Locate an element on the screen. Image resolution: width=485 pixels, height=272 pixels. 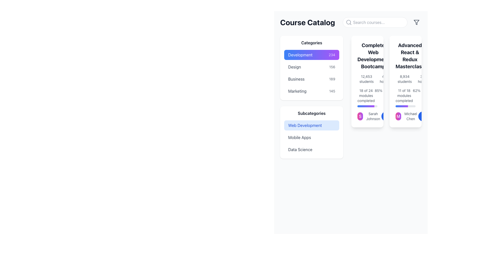
the progress bar indicating completion status for the 'Complete Web Development Bootcamp' course, located under the 'Course Catalog' section, below the text '18 of 24 modules completed' and '85%' is located at coordinates (367, 106).